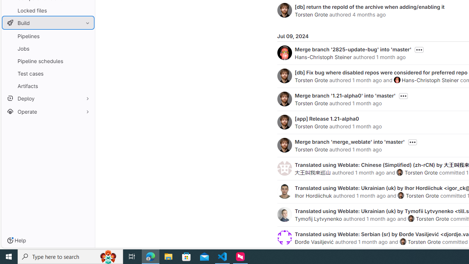 The height and width of the screenshot is (264, 469). I want to click on 'Pin Pipelines', so click(86, 36).